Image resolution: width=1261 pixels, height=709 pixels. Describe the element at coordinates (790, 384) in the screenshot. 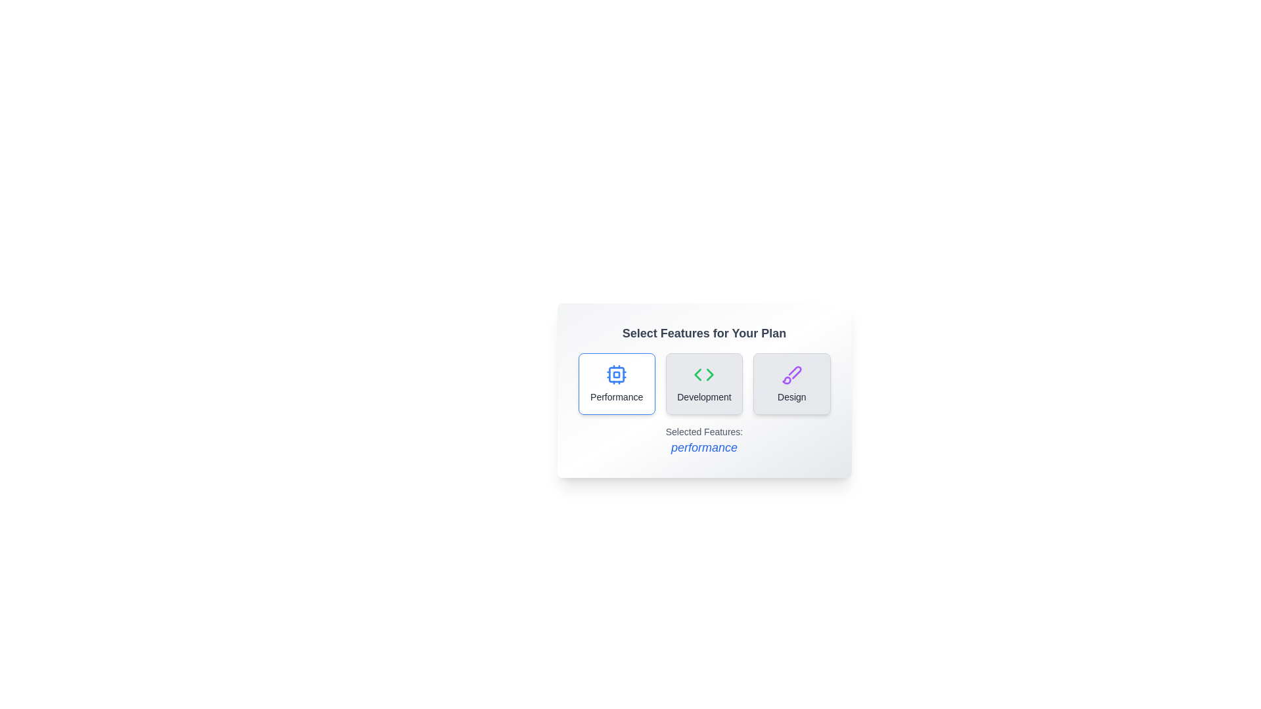

I see `the Design button` at that location.